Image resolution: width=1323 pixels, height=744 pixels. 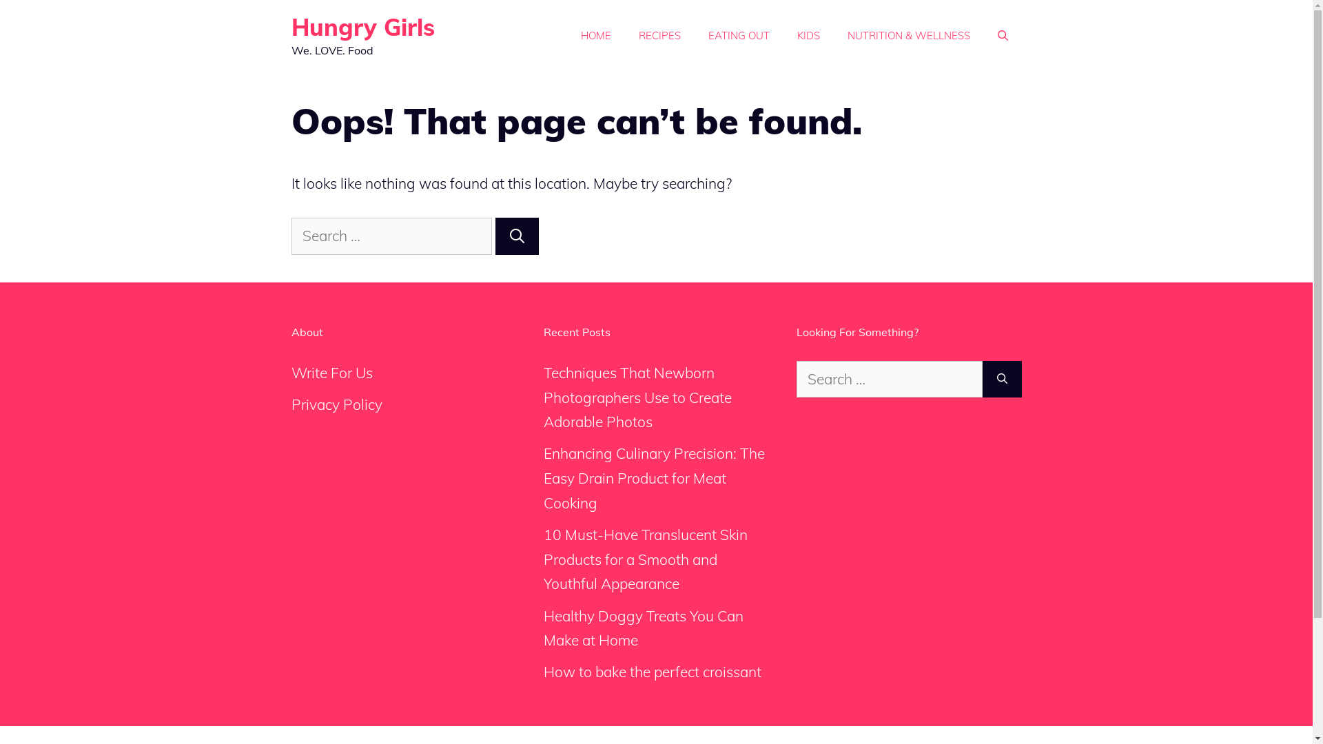 What do you see at coordinates (890, 380) in the screenshot?
I see `'Search for:'` at bounding box center [890, 380].